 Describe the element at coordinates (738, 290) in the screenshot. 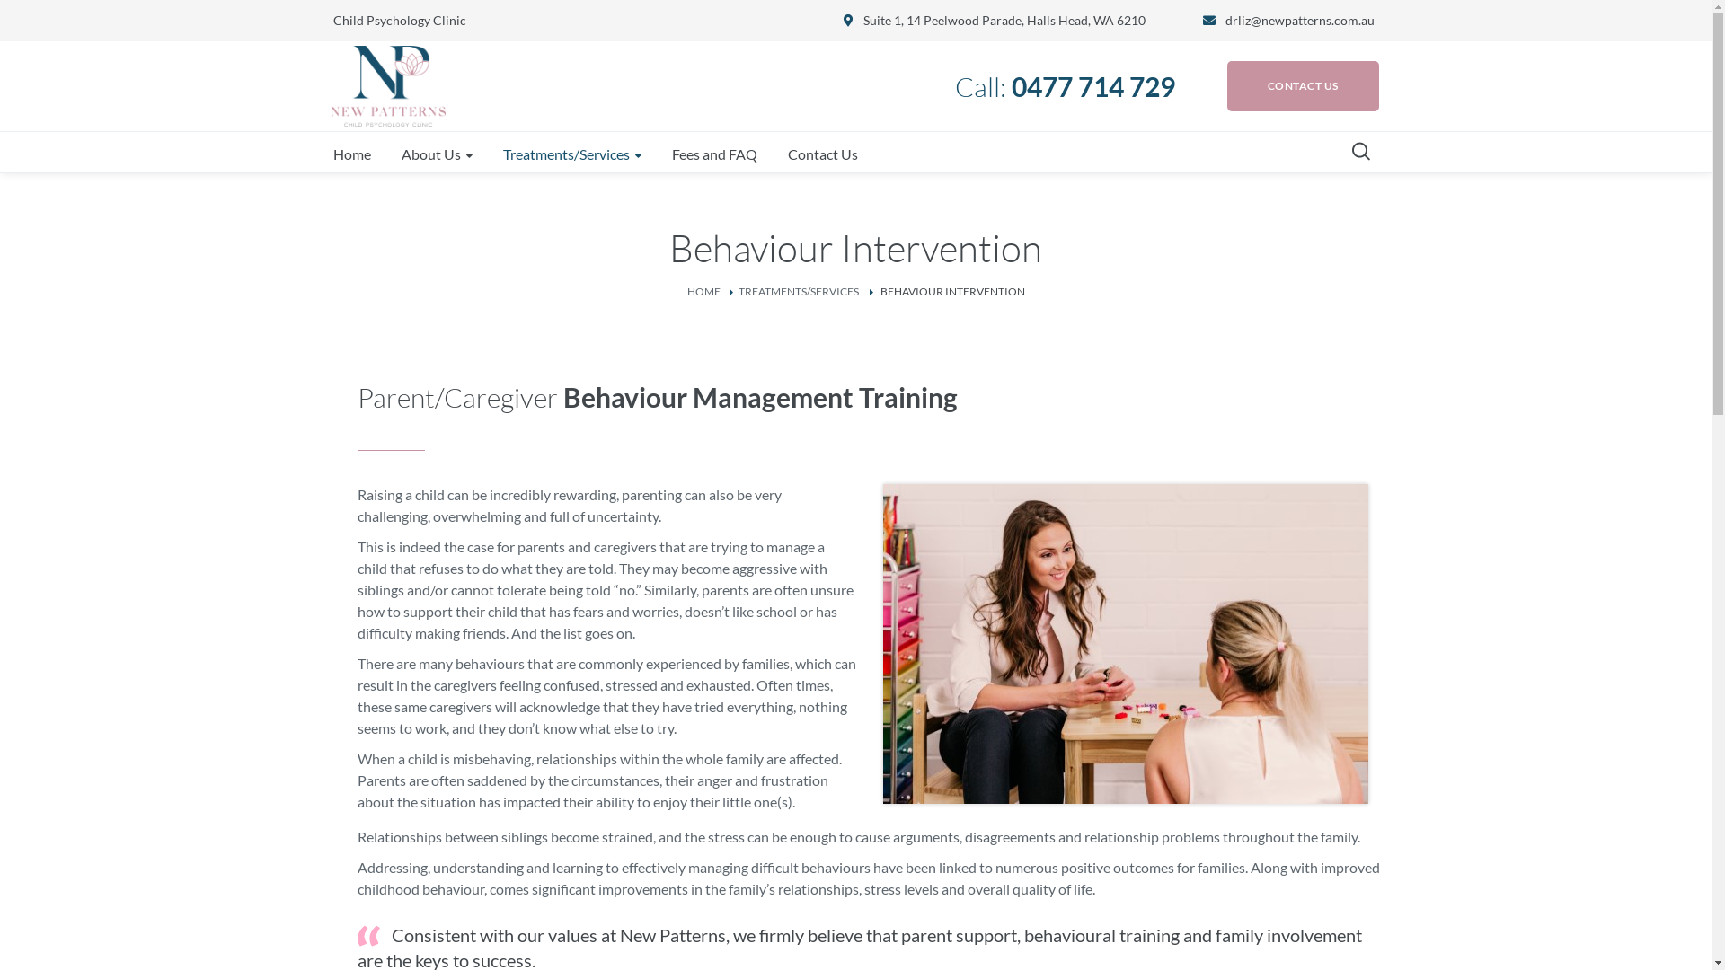

I see `'TREATMENTS/SERVICES'` at that location.